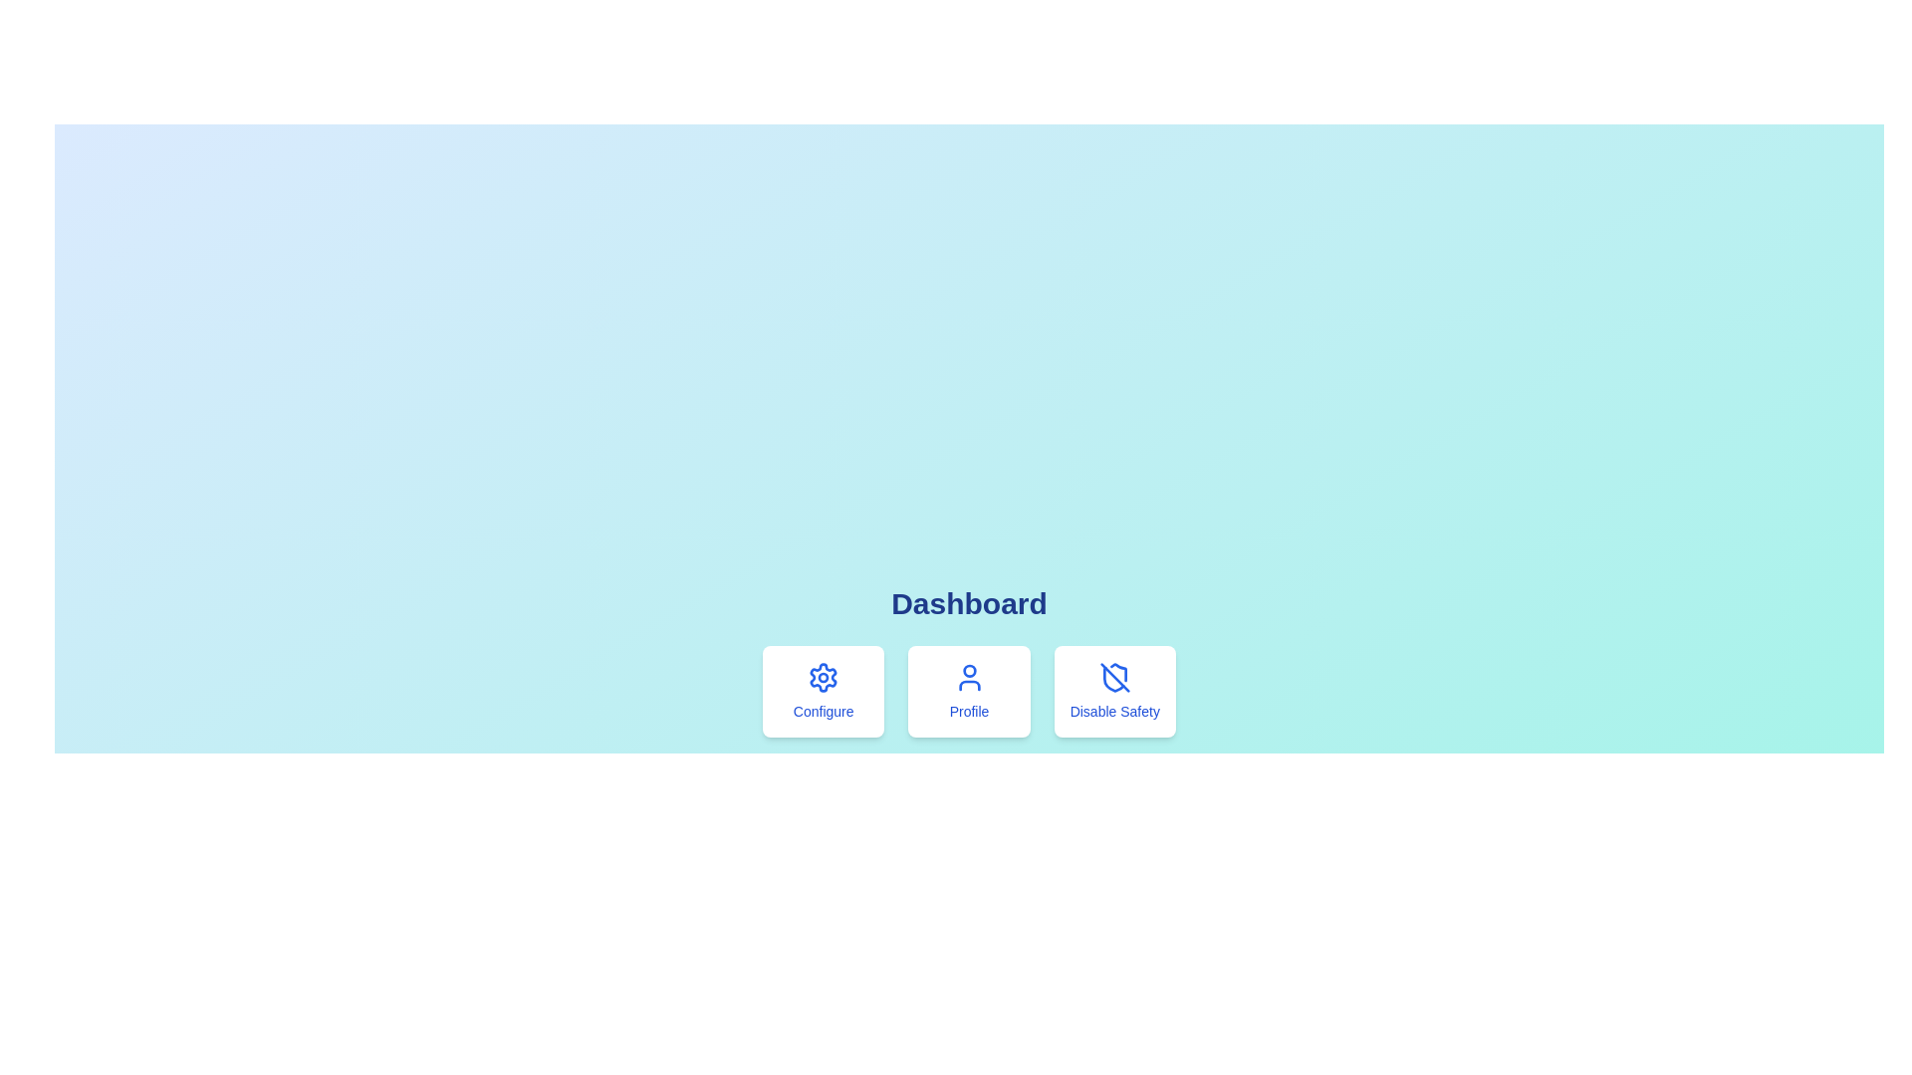 Image resolution: width=1912 pixels, height=1075 pixels. I want to click on the centered 'Profile' button within the blue gradient background, so click(969, 690).